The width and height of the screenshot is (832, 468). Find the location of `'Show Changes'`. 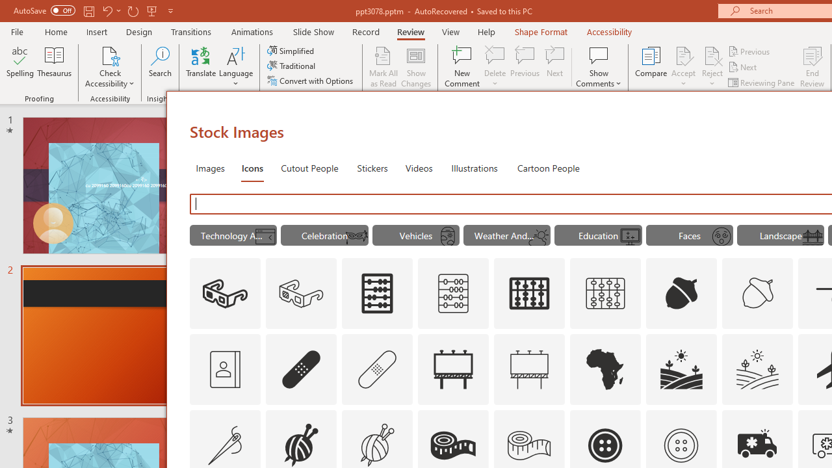

'Show Changes' is located at coordinates (416, 67).